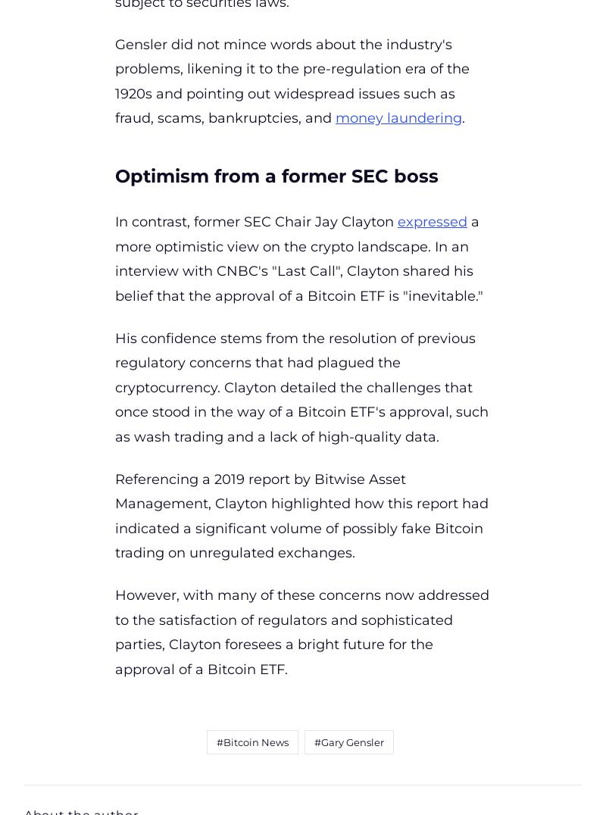 The image size is (606, 815). What do you see at coordinates (396, 220) in the screenshot?
I see `'expressed'` at bounding box center [396, 220].